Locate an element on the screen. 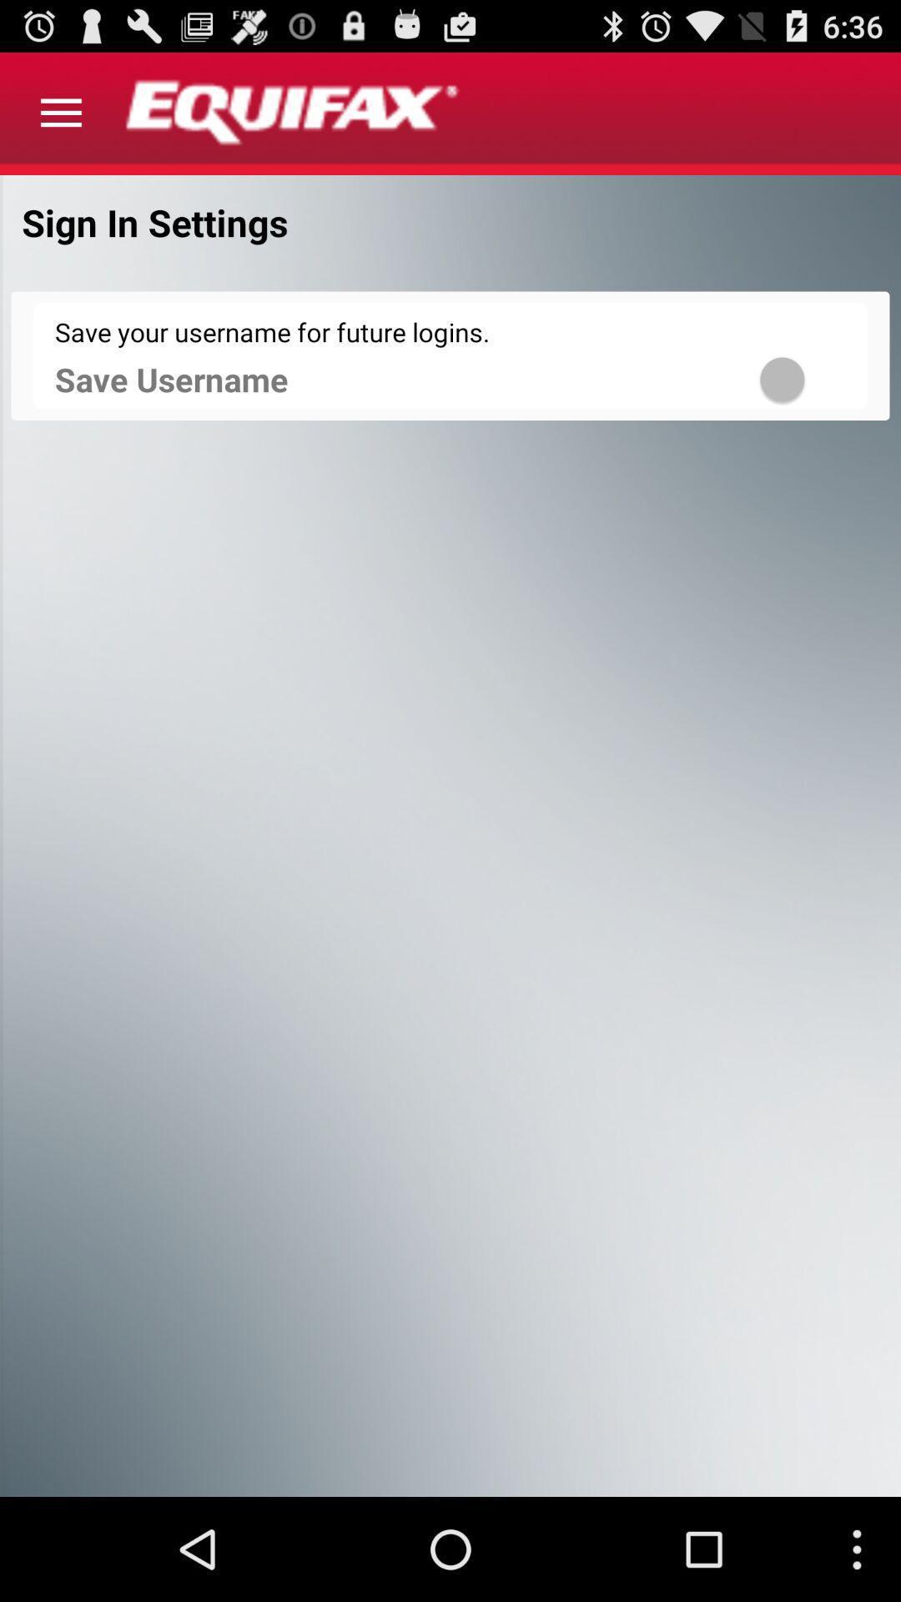 This screenshot has height=1602, width=901. the item to the right of save username is located at coordinates (803, 378).